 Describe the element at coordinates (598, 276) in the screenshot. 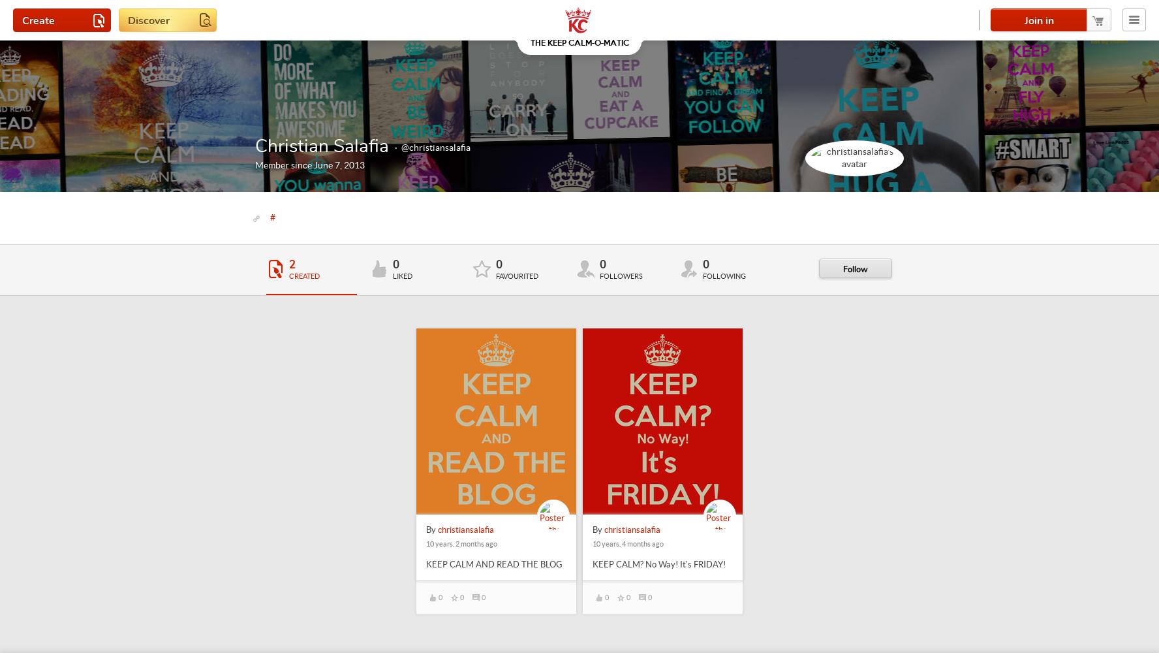

I see `'Followers'` at that location.